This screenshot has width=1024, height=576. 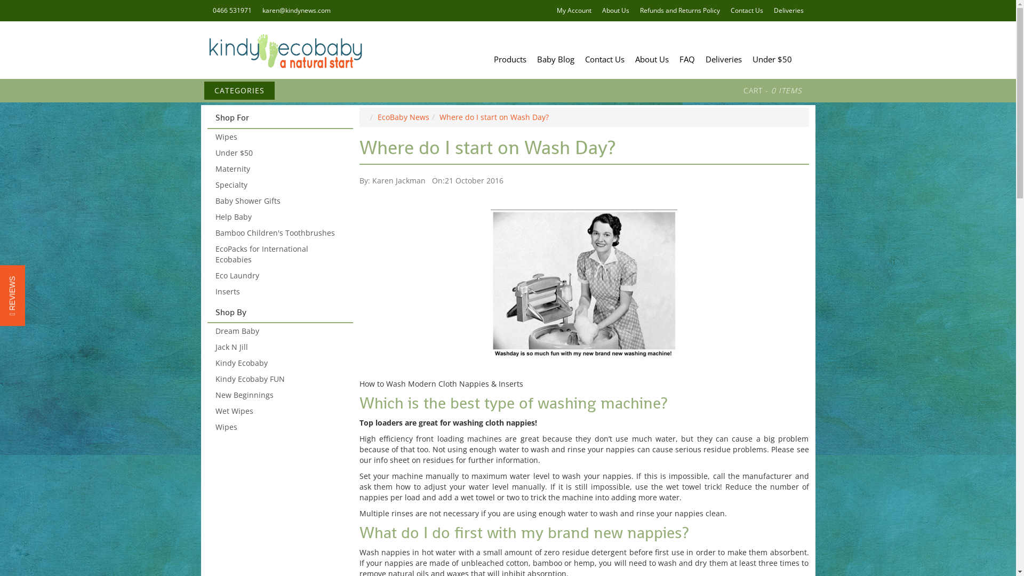 I want to click on 'Baby Blog', so click(x=555, y=59).